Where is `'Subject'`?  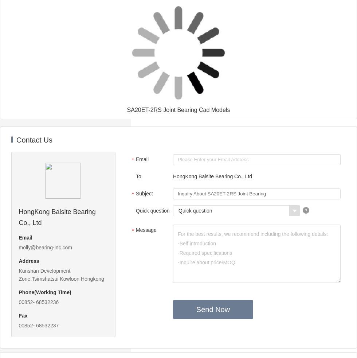 'Subject' is located at coordinates (144, 193).